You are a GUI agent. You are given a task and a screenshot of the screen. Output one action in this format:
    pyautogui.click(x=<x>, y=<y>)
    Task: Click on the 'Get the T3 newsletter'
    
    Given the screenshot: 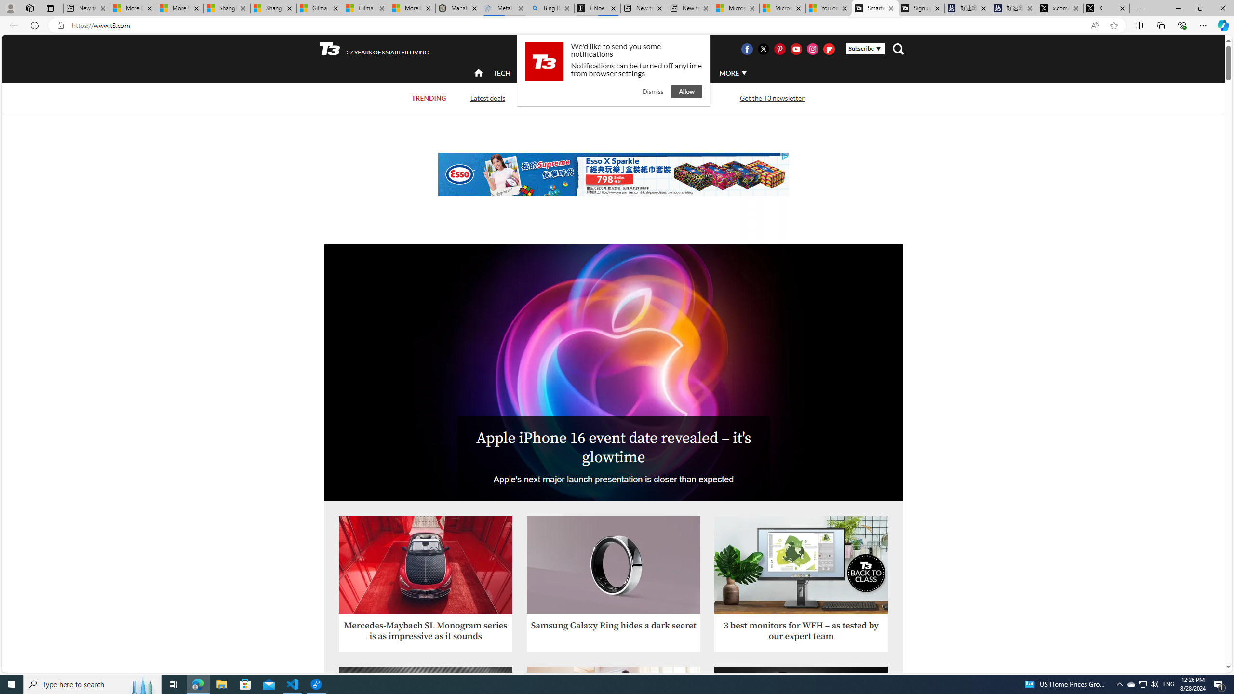 What is the action you would take?
    pyautogui.click(x=772, y=97)
    